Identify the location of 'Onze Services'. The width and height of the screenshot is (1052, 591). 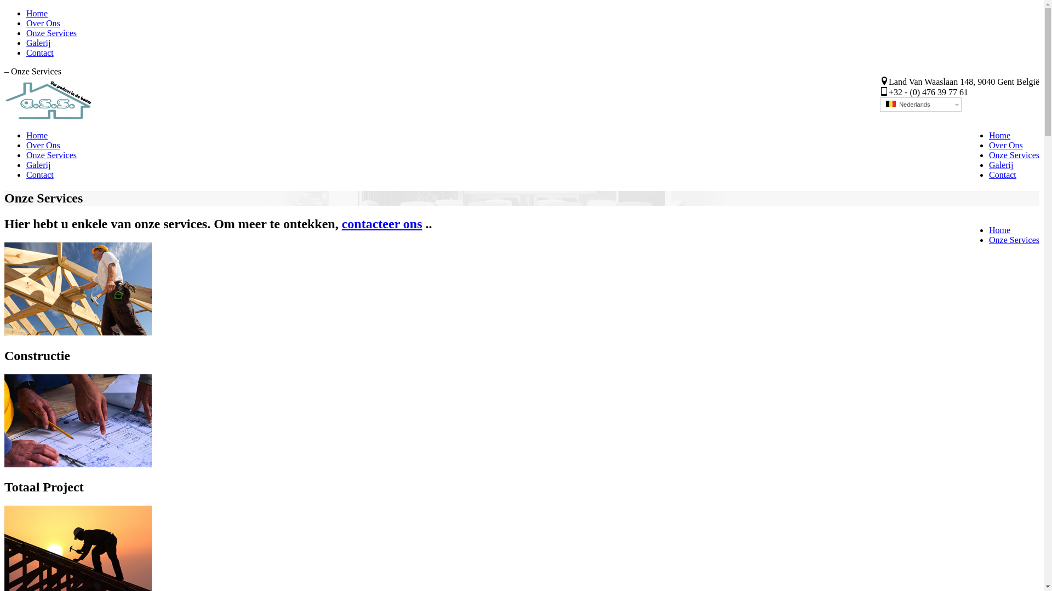
(1014, 239).